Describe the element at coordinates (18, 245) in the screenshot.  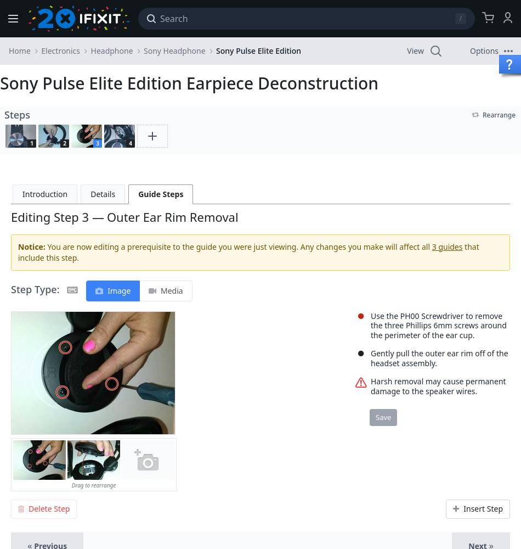
I see `'Notice:'` at that location.